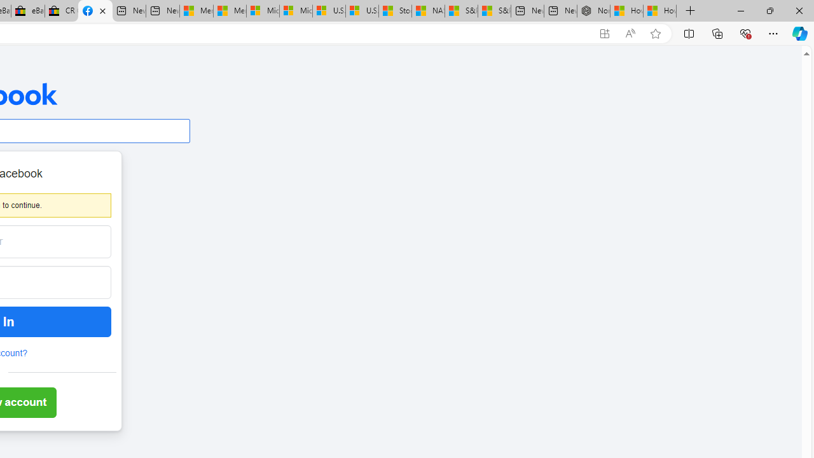 The height and width of the screenshot is (458, 814). I want to click on 'S&P 500, Nasdaq end lower, weighed by Nvidia dip | Watch', so click(493, 11).